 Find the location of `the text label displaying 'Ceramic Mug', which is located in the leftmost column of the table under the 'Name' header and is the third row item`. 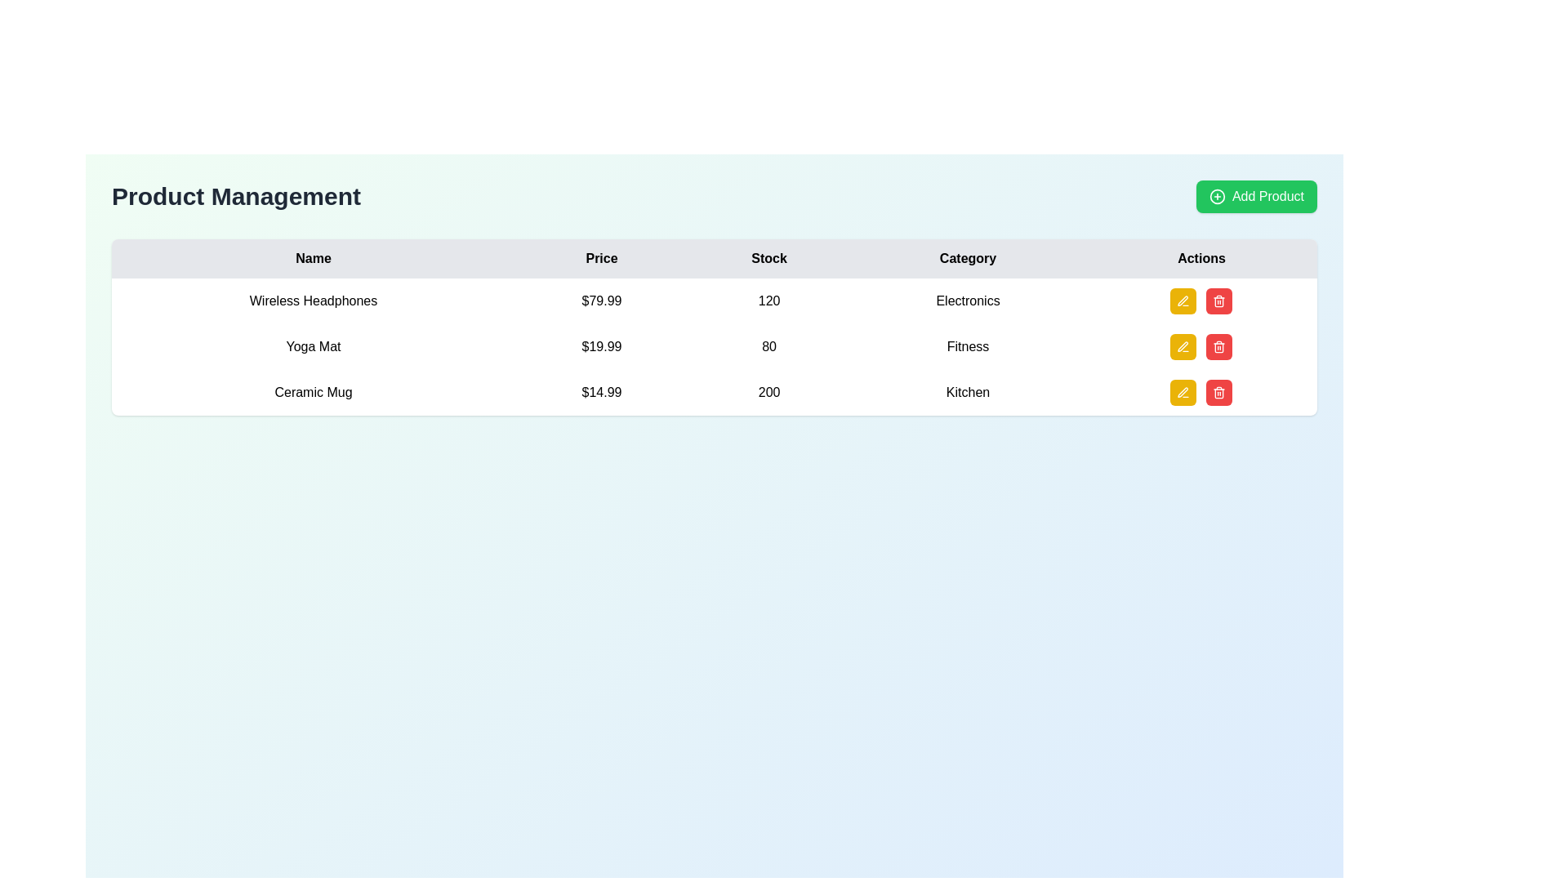

the text label displaying 'Ceramic Mug', which is located in the leftmost column of the table under the 'Name' header and is the third row item is located at coordinates (314, 393).